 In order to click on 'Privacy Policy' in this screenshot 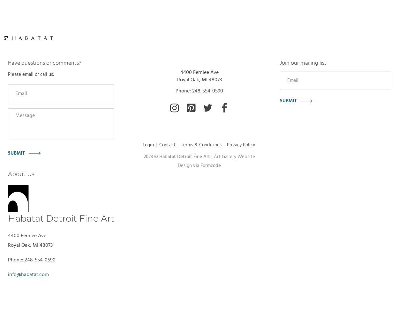, I will do `click(241, 145)`.